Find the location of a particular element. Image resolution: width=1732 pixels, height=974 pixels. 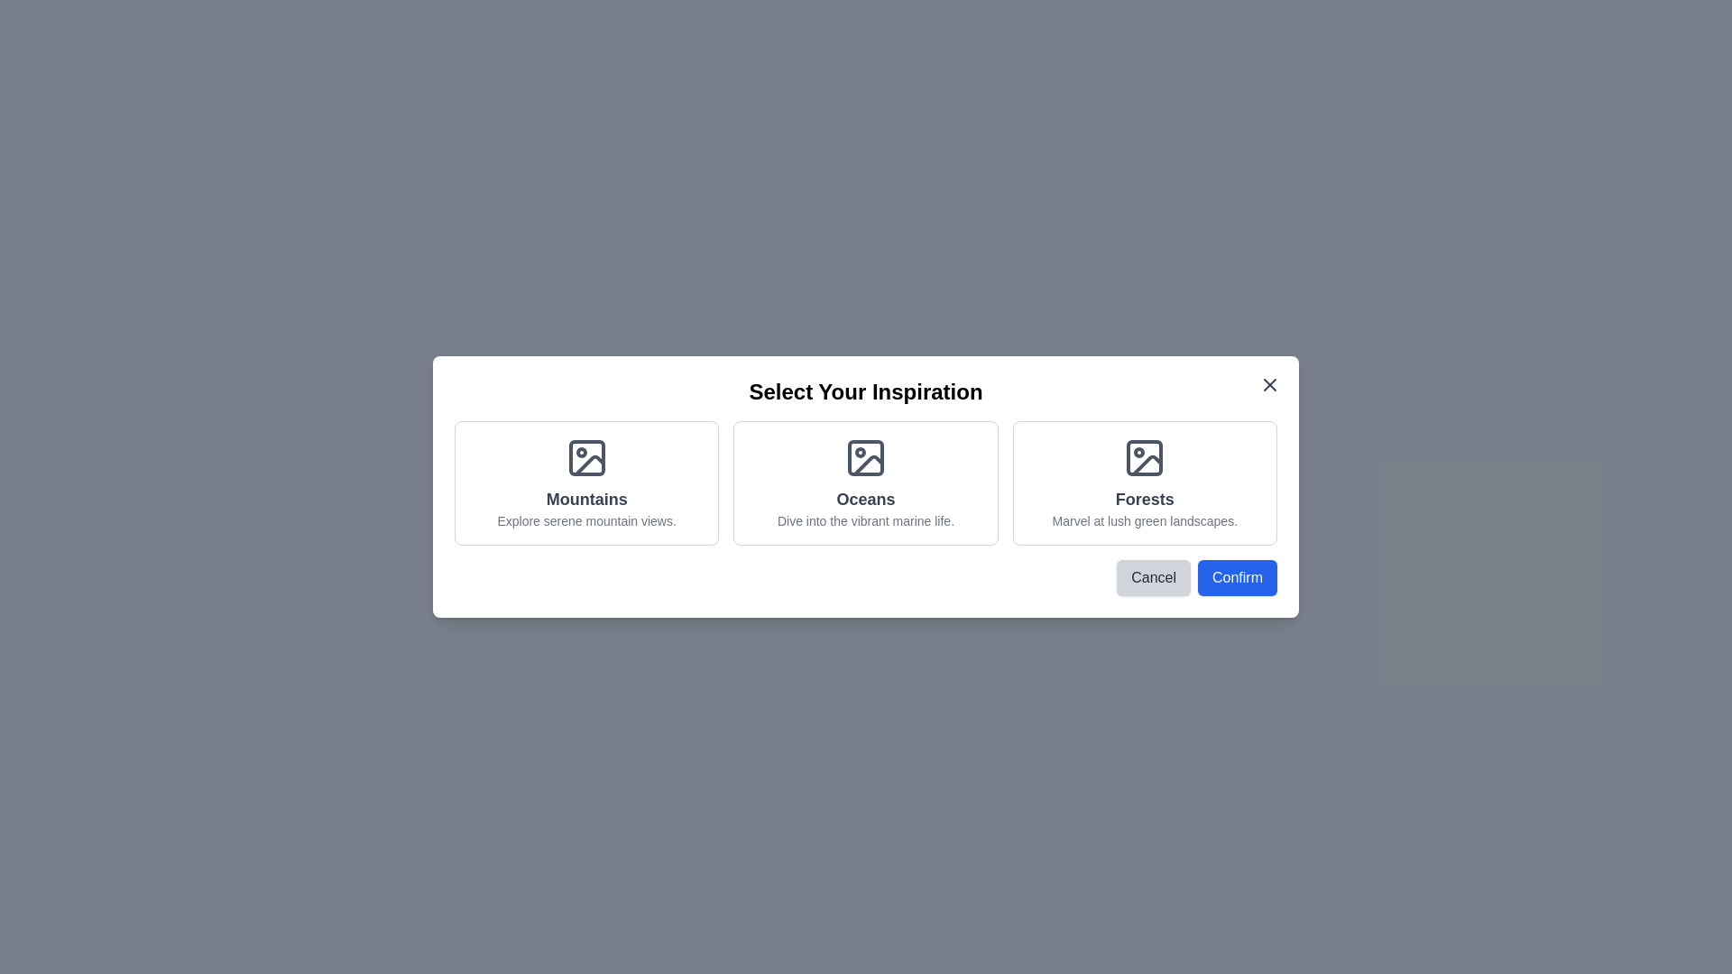

the descriptive Text label located at the bottom of the 'Forests' card, which supplements the card's main title and image is located at coordinates (1144, 521).